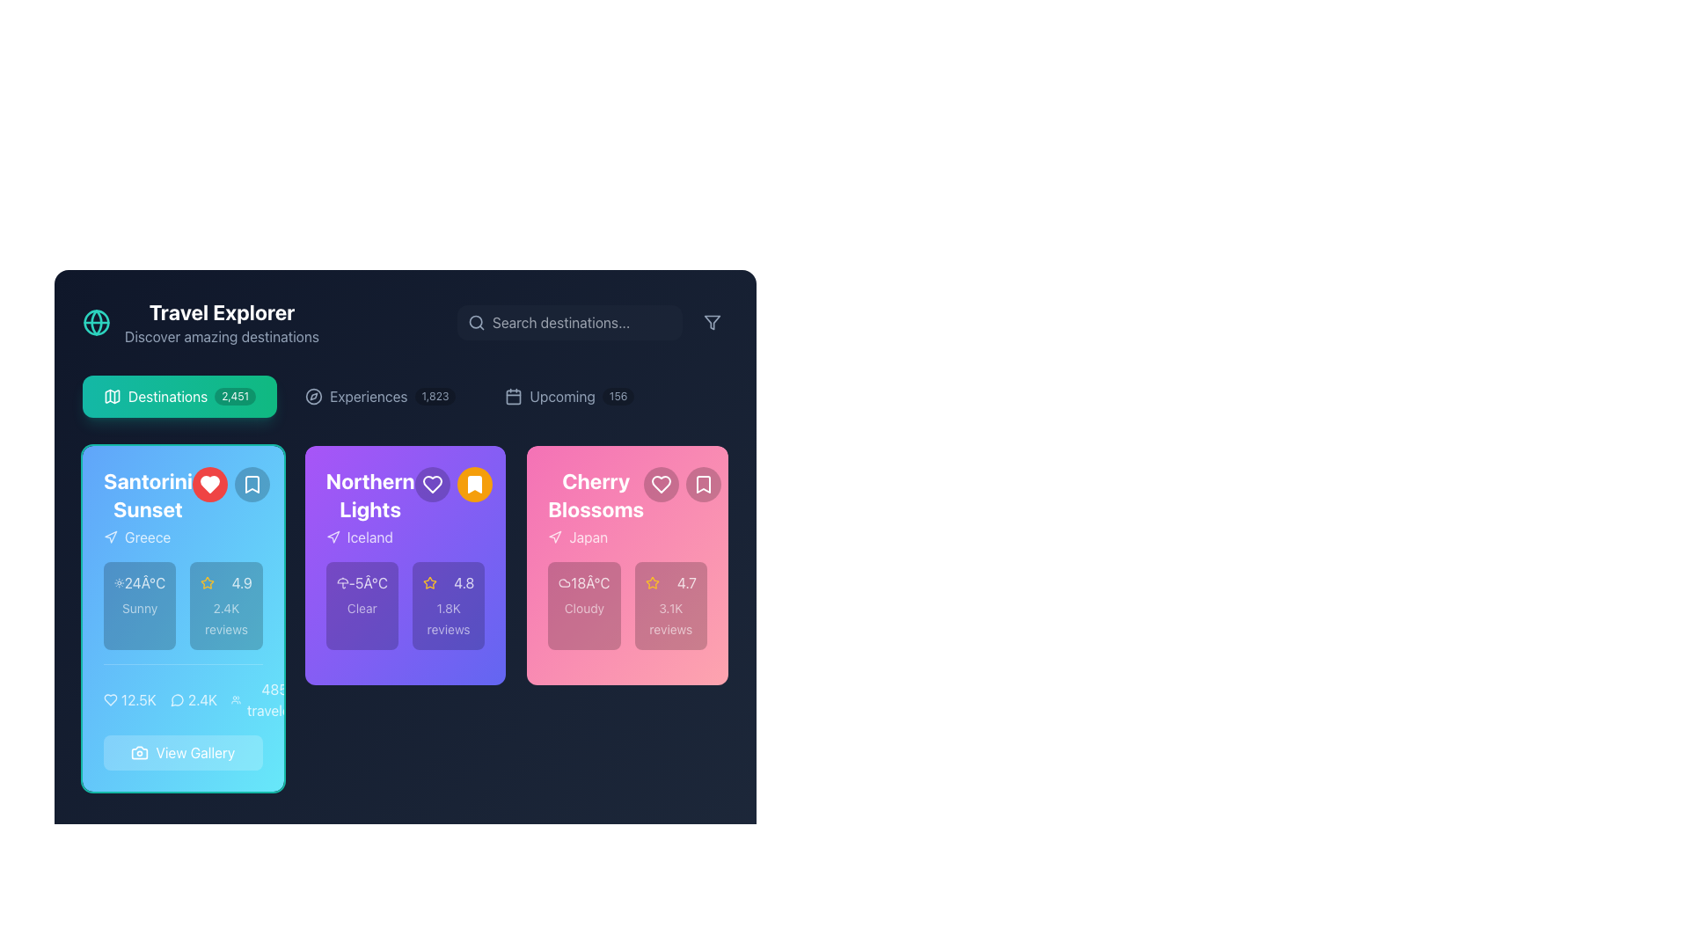 This screenshot has height=950, width=1689. I want to click on the descriptive subtitle text label located directly beneath the 'Travel Explorer' heading, which provides context for the 'Travel Explorer' section, so click(221, 336).